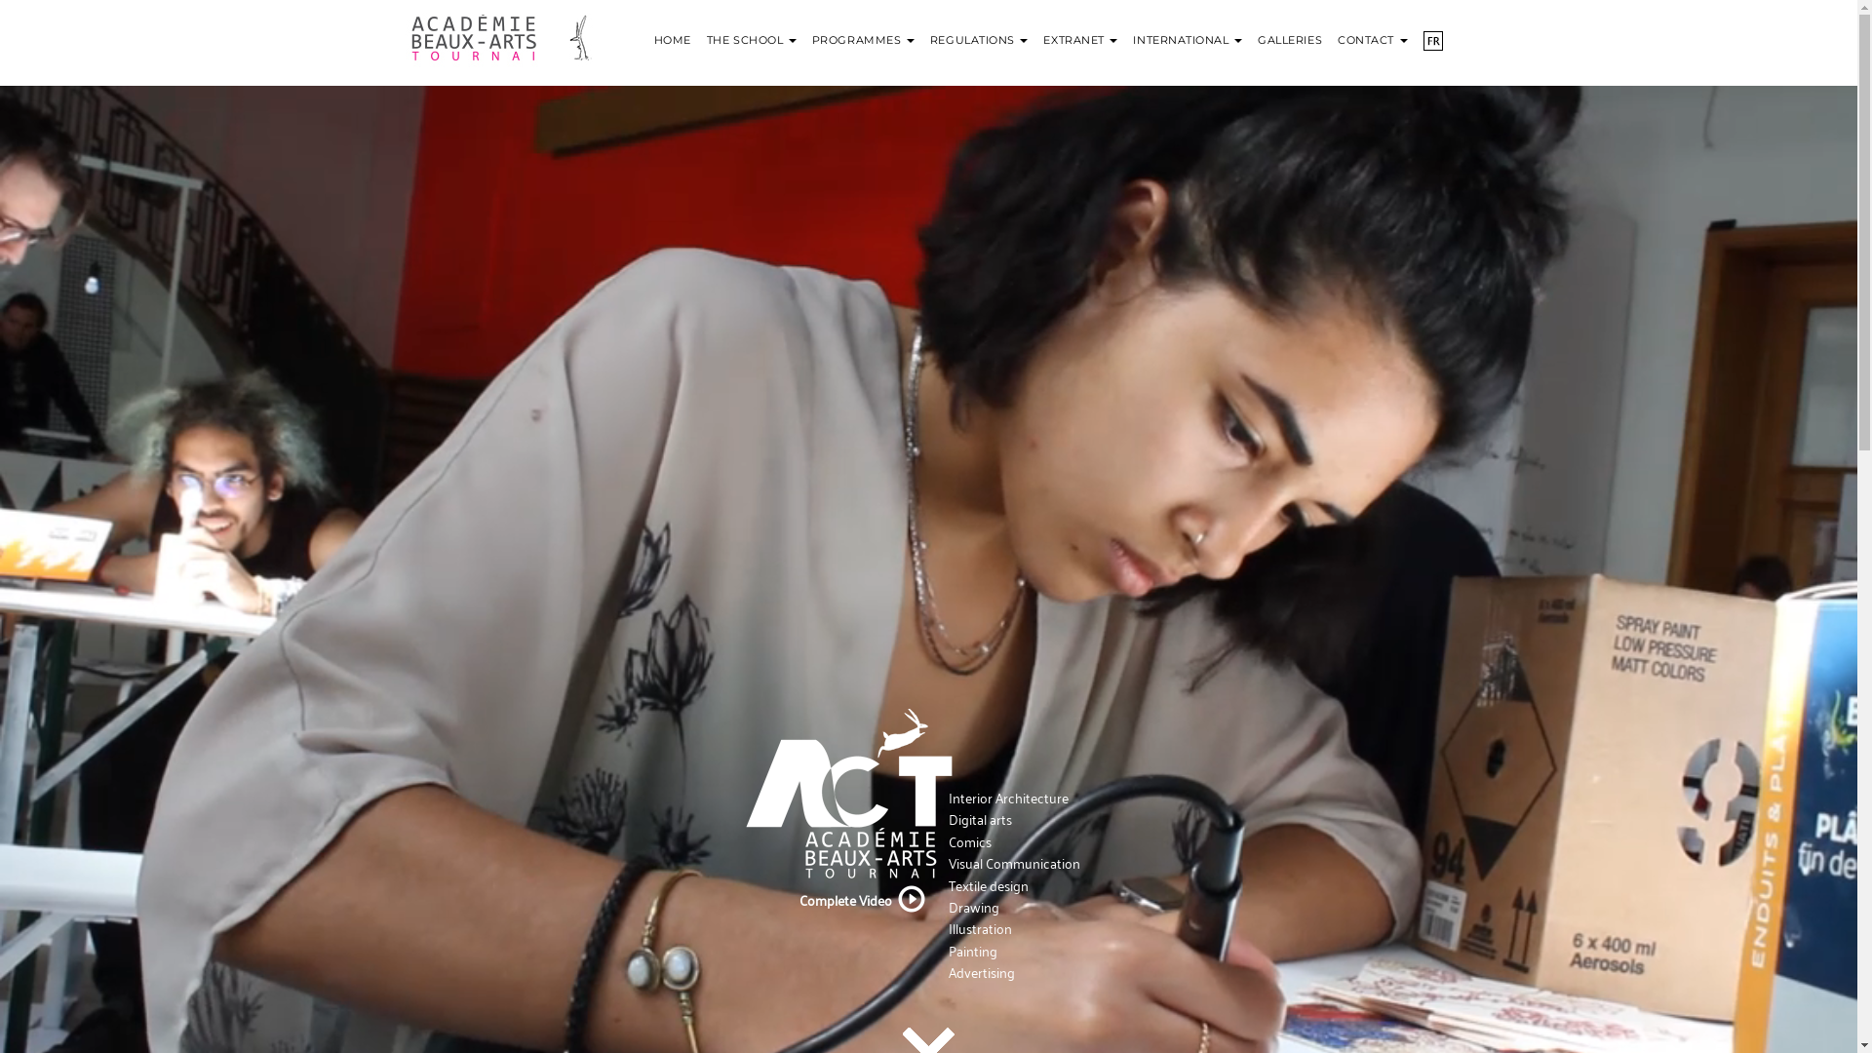 Image resolution: width=1872 pixels, height=1053 pixels. Describe the element at coordinates (1079, 29) in the screenshot. I see `'EXTRANET'` at that location.